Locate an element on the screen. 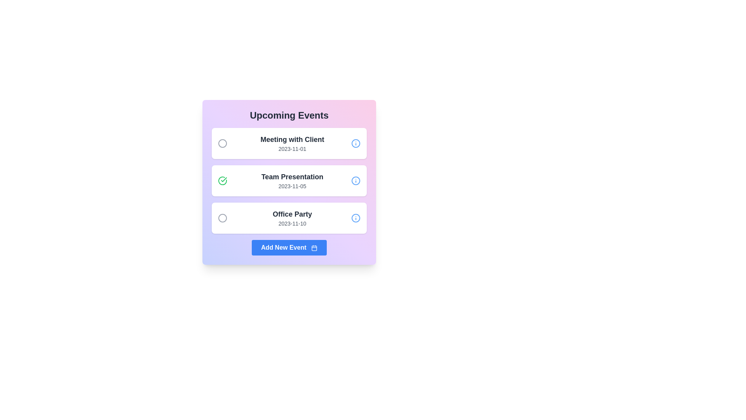  the graphical representation of the decorative part of the indicator icon located in the second row of the 'Upcoming Events' section, titled 'Team Presentation, 2023-11-05.' is located at coordinates (222, 181).